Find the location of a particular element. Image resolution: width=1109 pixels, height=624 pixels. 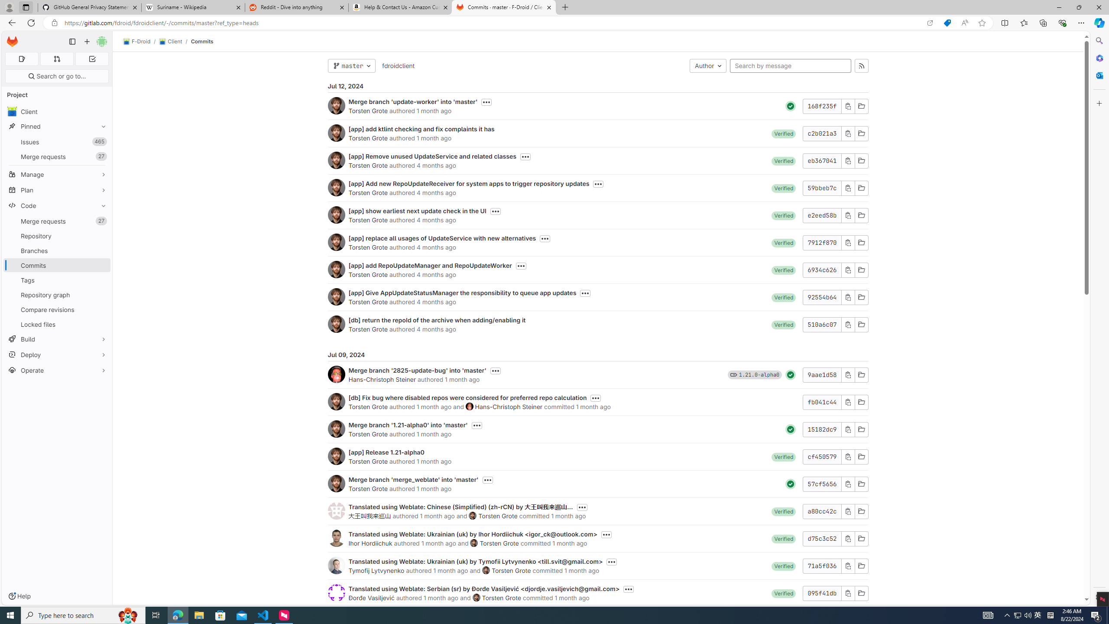

'Search' is located at coordinates (1098, 40).